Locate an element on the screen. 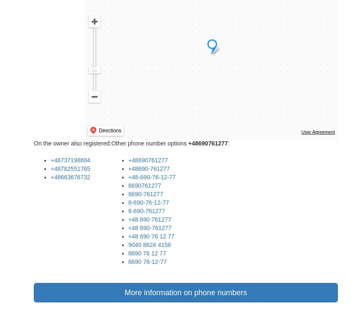  '+48663676732' is located at coordinates (50, 177).